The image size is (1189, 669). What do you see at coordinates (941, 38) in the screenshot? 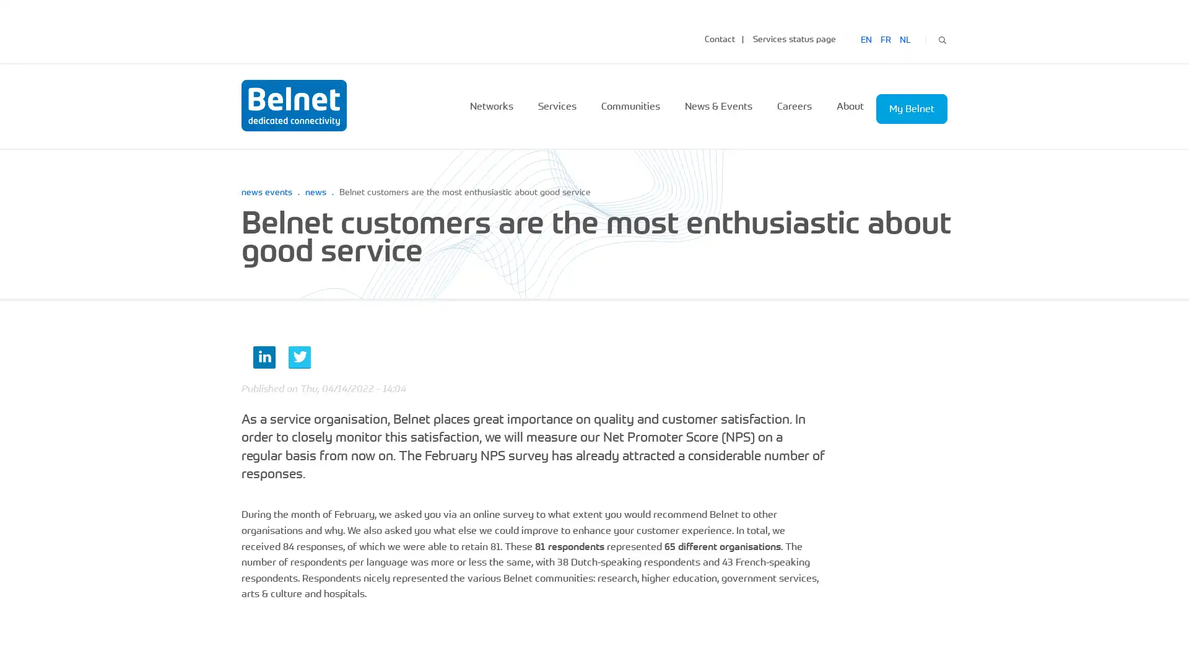
I see `Search` at bounding box center [941, 38].